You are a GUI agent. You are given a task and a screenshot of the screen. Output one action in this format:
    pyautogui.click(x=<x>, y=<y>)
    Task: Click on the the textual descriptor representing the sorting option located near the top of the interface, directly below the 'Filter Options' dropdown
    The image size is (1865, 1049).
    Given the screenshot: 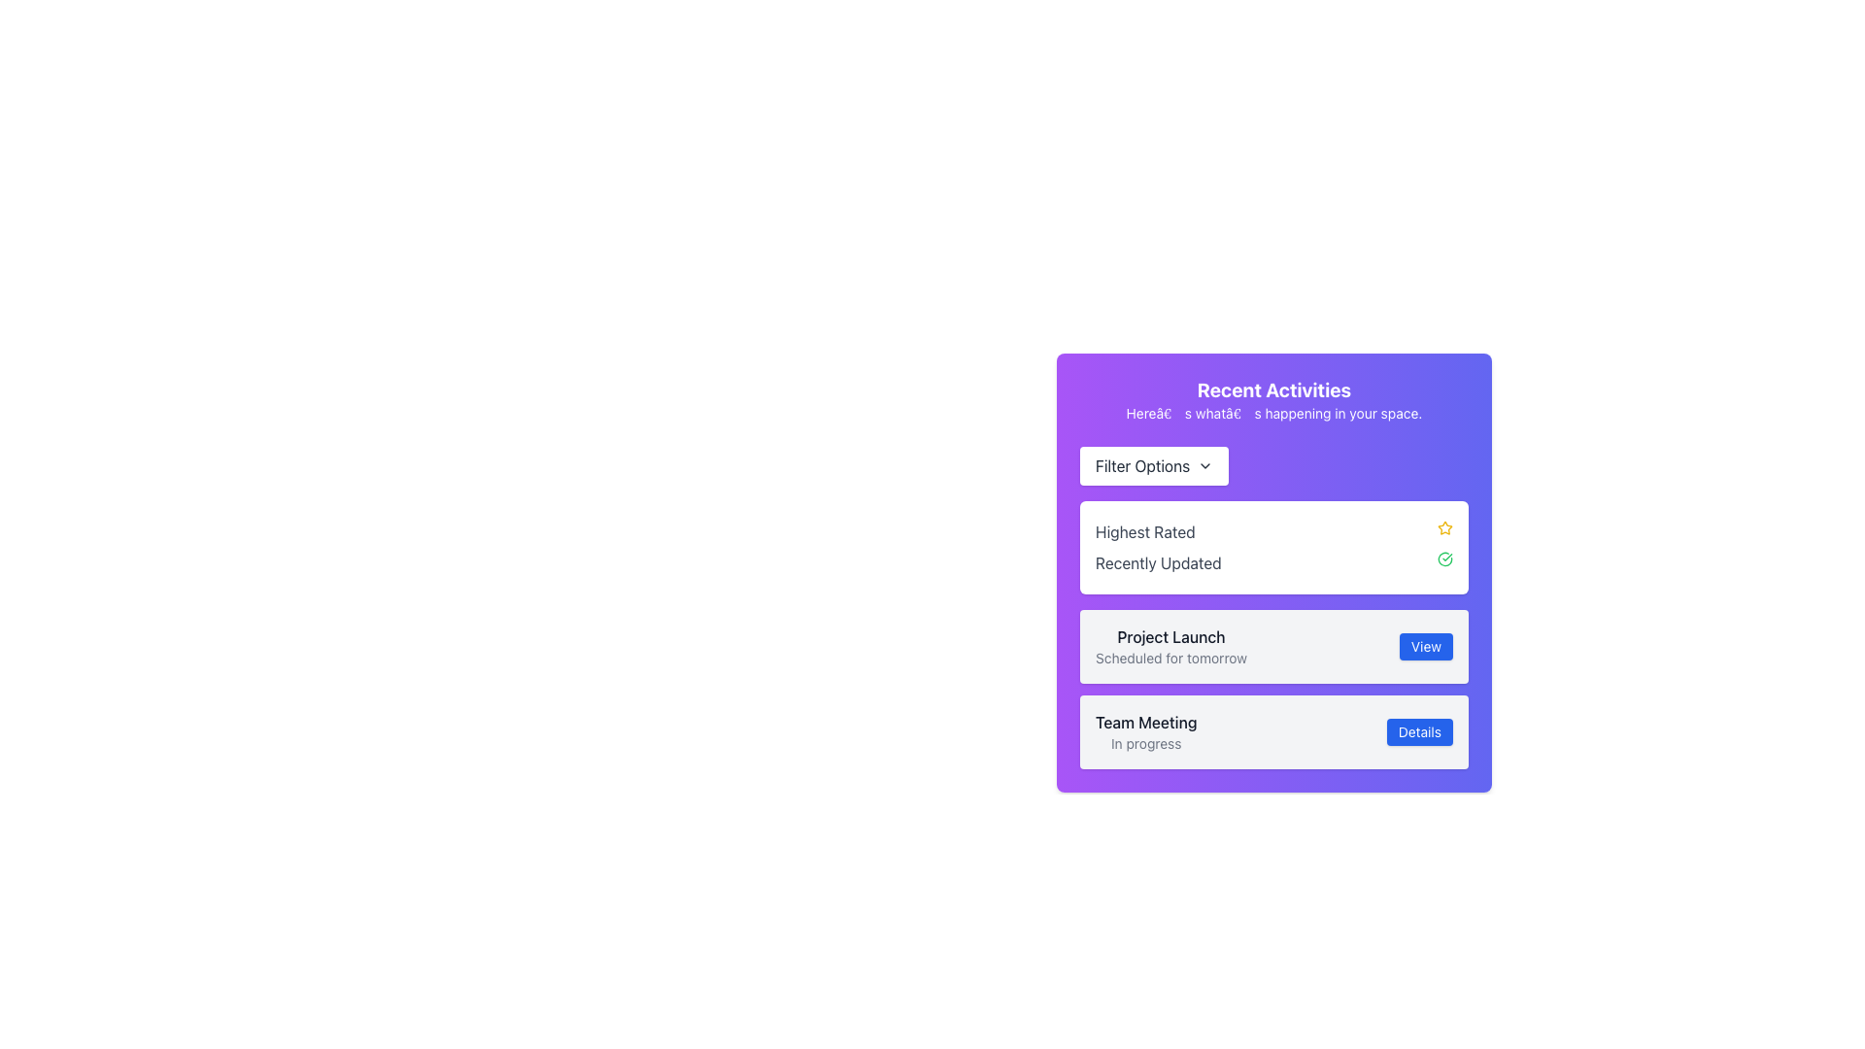 What is the action you would take?
    pyautogui.click(x=1273, y=531)
    